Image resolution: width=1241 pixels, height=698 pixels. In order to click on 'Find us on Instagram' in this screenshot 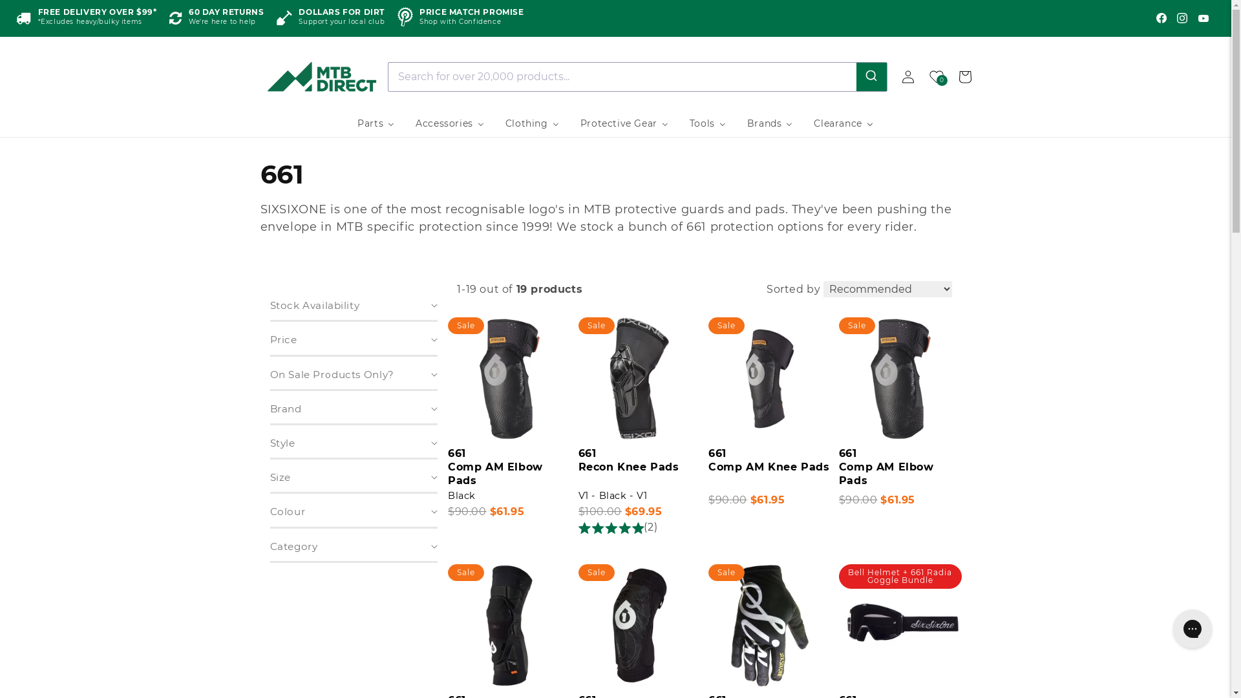, I will do `click(1172, 17)`.